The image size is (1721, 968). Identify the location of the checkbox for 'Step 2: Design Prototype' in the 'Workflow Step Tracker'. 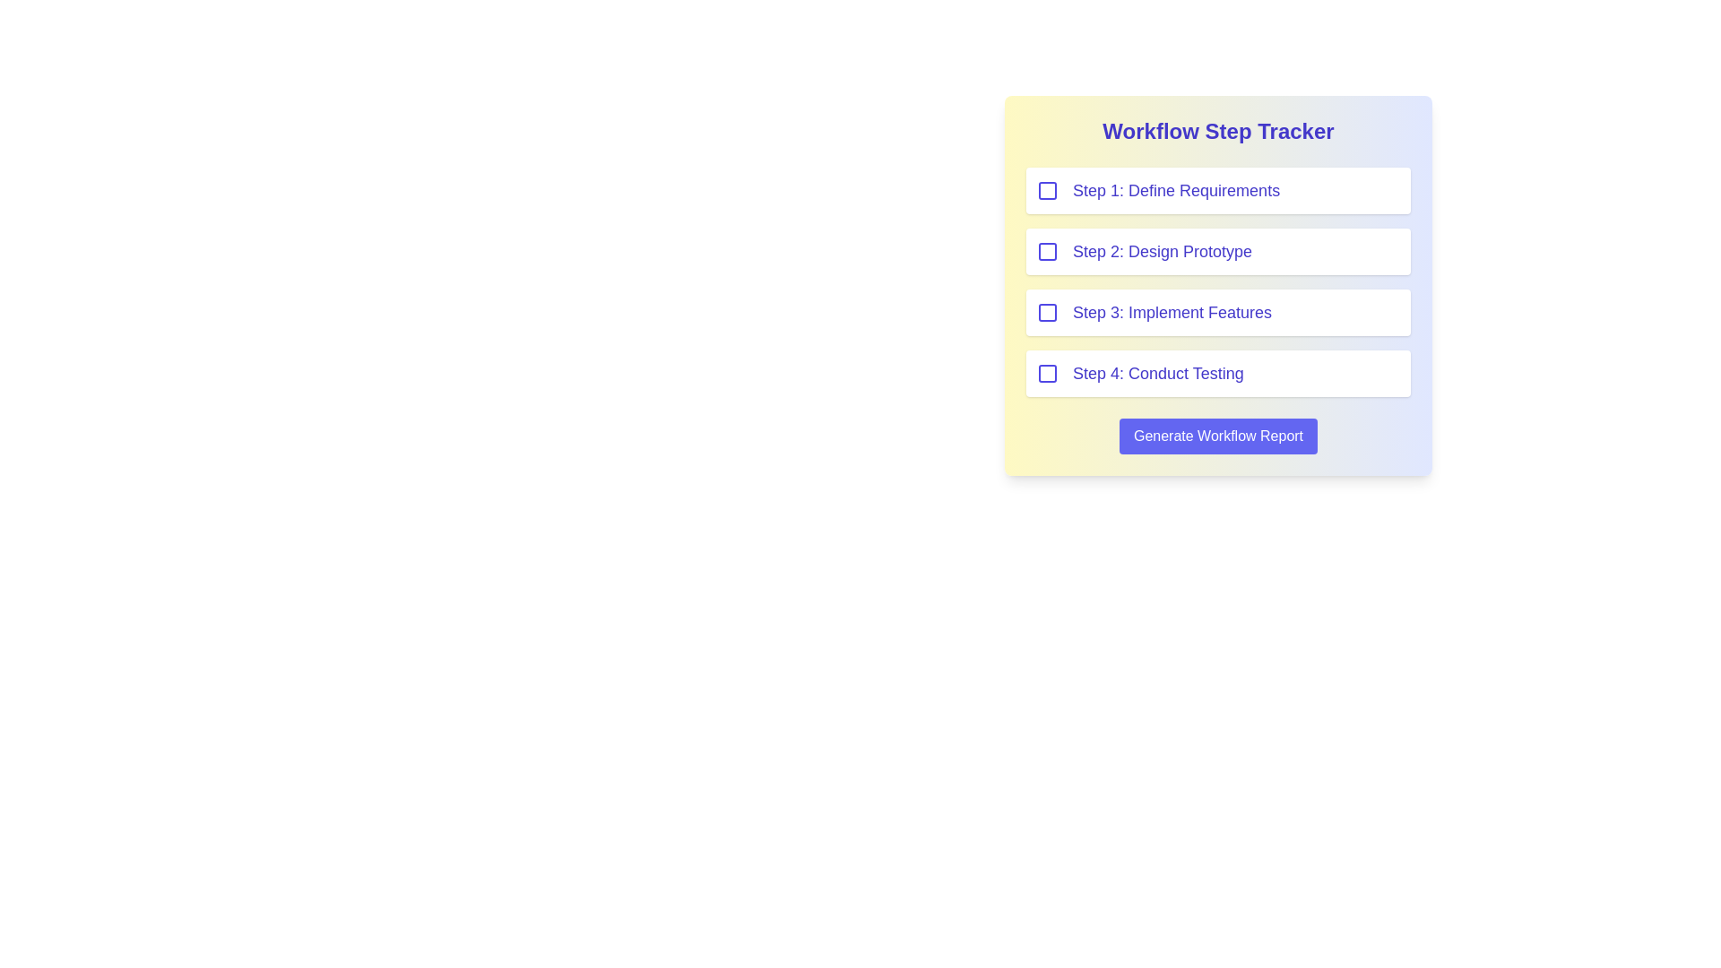
(1048, 252).